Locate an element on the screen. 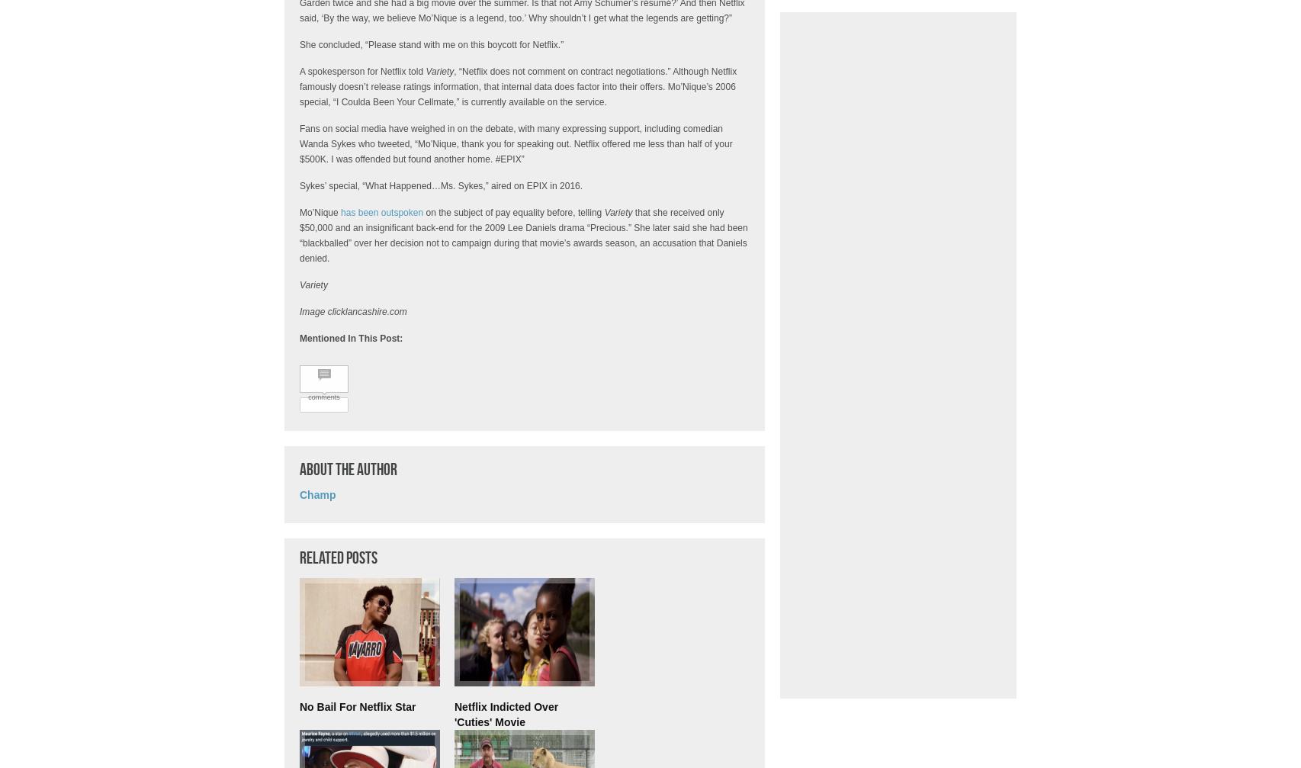 The image size is (1301, 768). 'Fans on social media have weighed in on the debate, with many expressing support, including comedian Wanda Sykes who tweeted, “Mo’Nique, thank you for speaking out. Netflix offered me less than half of your $500K. I was offended but found another home. #EPIX”' is located at coordinates (515, 144).